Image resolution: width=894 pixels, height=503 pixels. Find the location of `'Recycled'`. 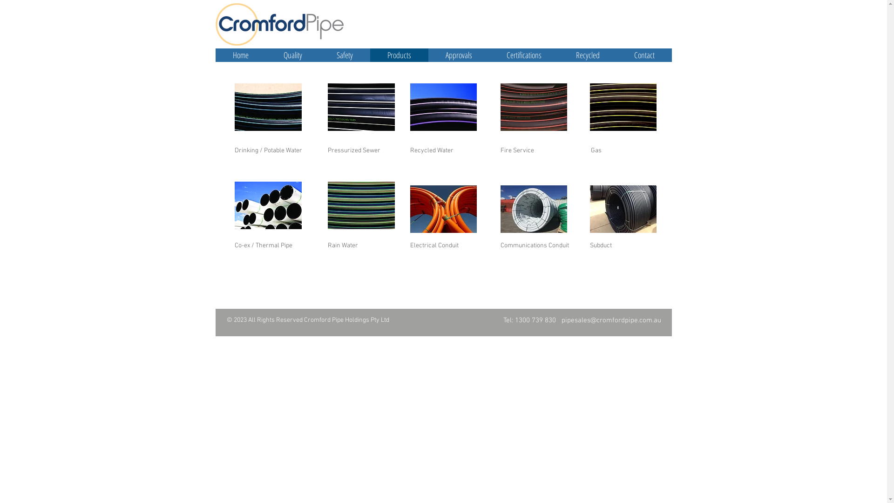

'Recycled' is located at coordinates (587, 55).